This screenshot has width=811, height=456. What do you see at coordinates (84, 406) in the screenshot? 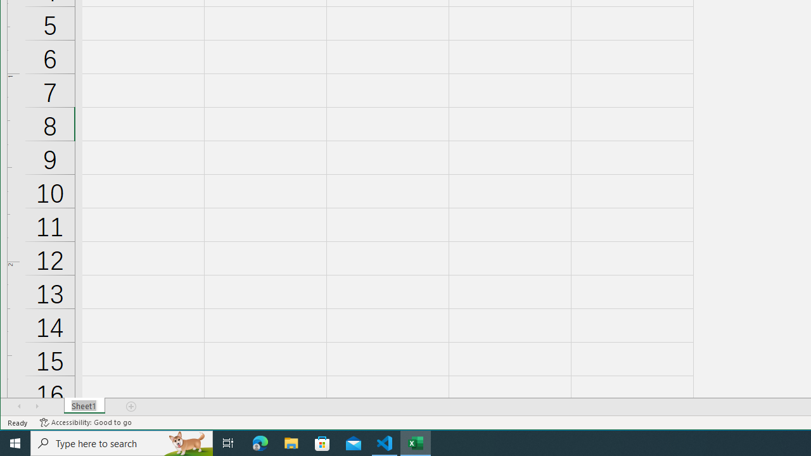
I see `'Sheet Tab'` at bounding box center [84, 406].